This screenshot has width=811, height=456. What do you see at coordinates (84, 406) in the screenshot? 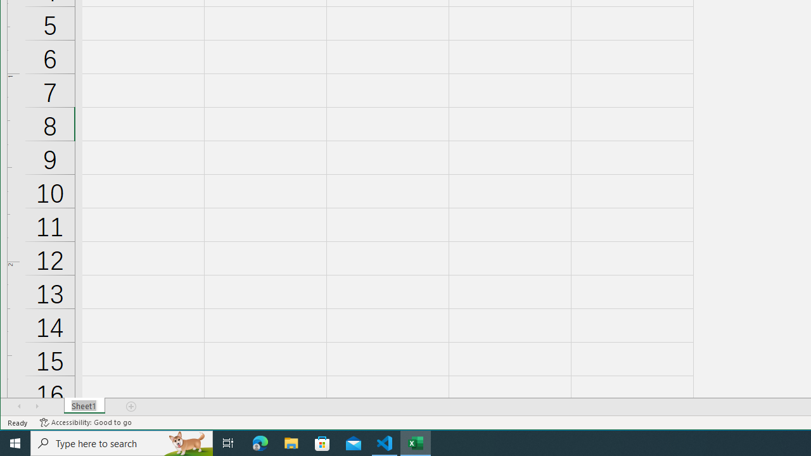
I see `'Sheet Tab'` at bounding box center [84, 406].